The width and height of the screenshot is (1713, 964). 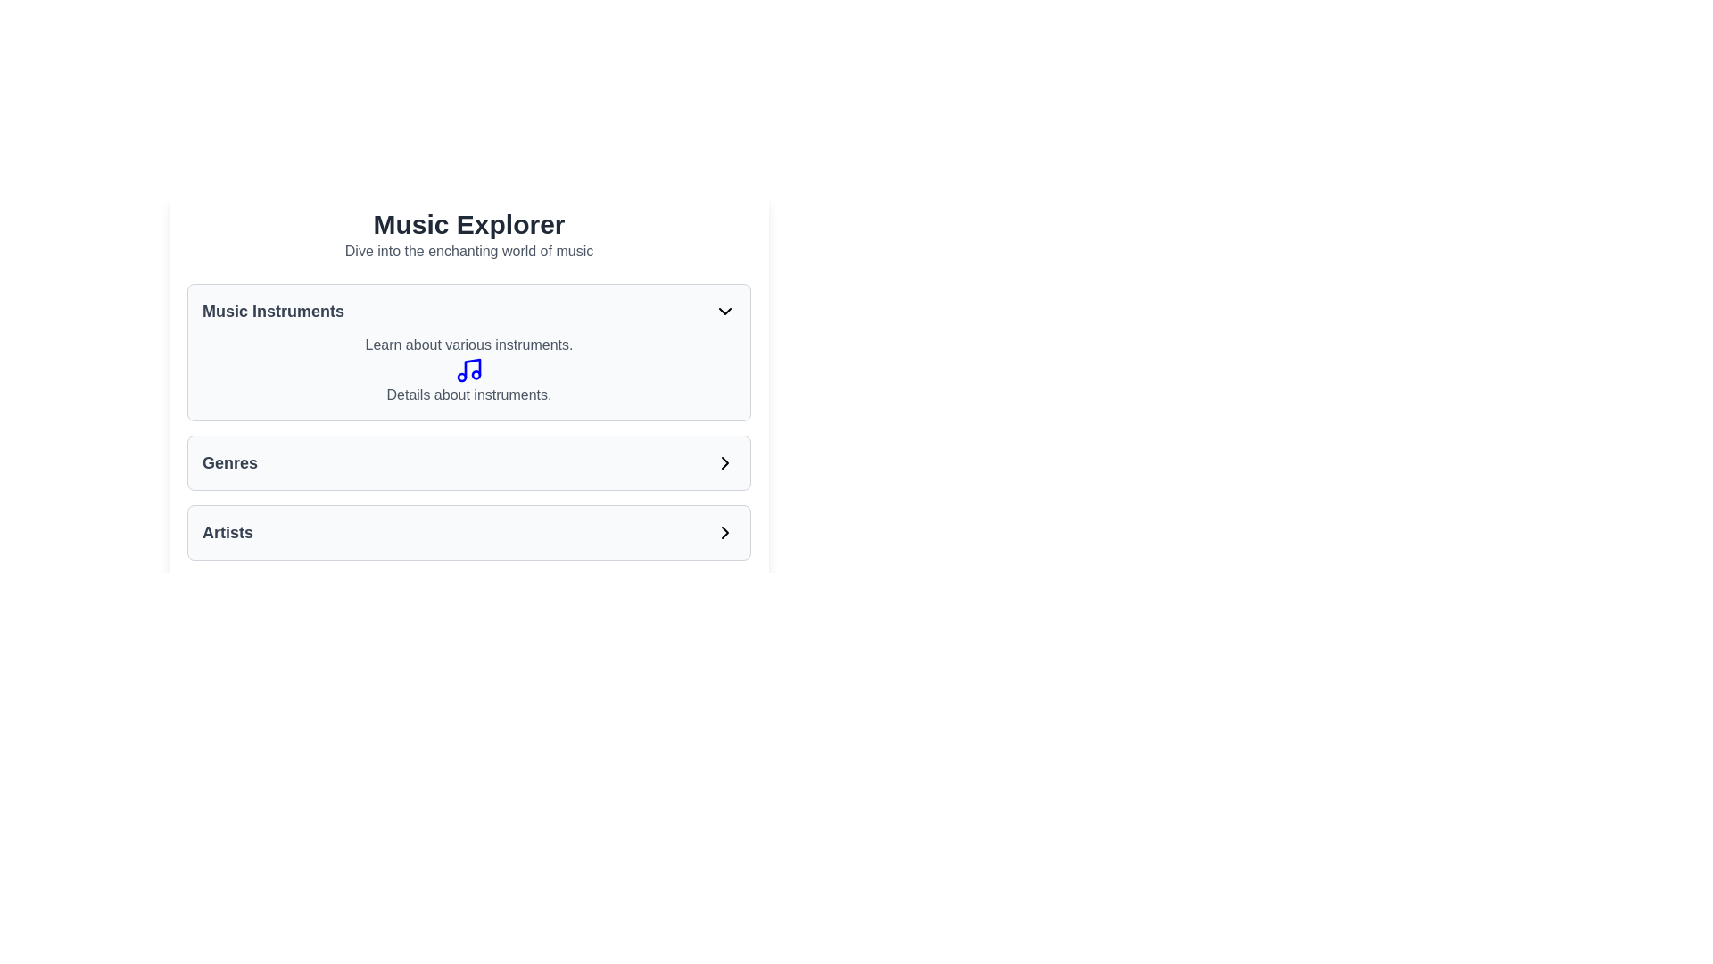 I want to click on the right-facing chevron icon within the 'Genres' card, so click(x=724, y=462).